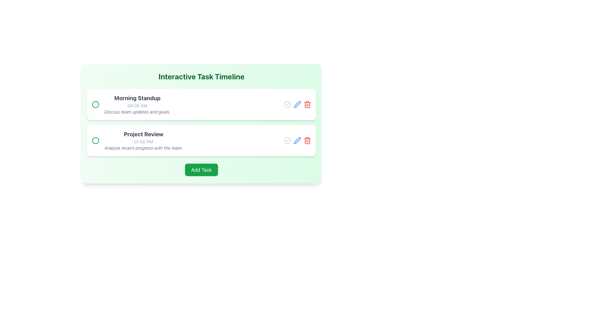 The height and width of the screenshot is (336, 598). What do you see at coordinates (307, 104) in the screenshot?
I see `the delete Icon Button located at the far-right end of the control icons group in the 'Project Review' task row` at bounding box center [307, 104].